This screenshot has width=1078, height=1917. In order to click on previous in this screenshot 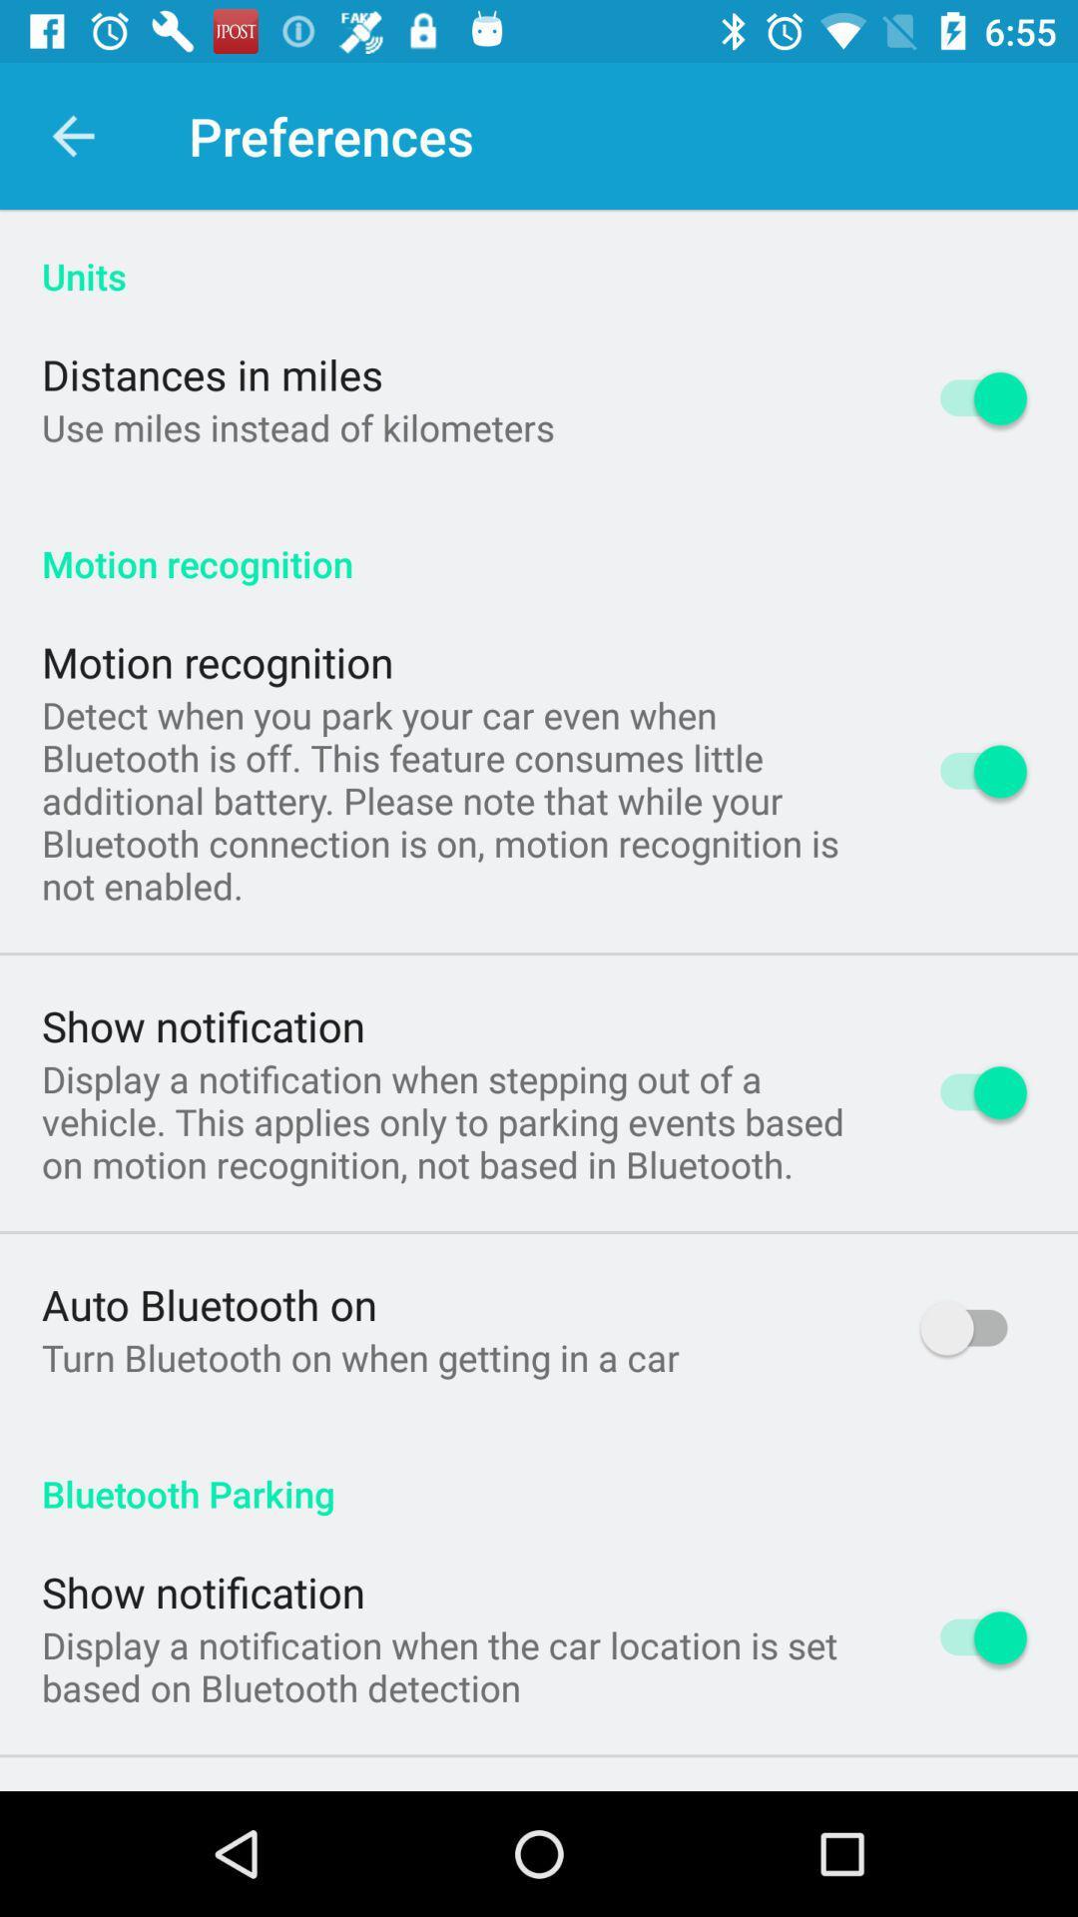, I will do `click(72, 135)`.